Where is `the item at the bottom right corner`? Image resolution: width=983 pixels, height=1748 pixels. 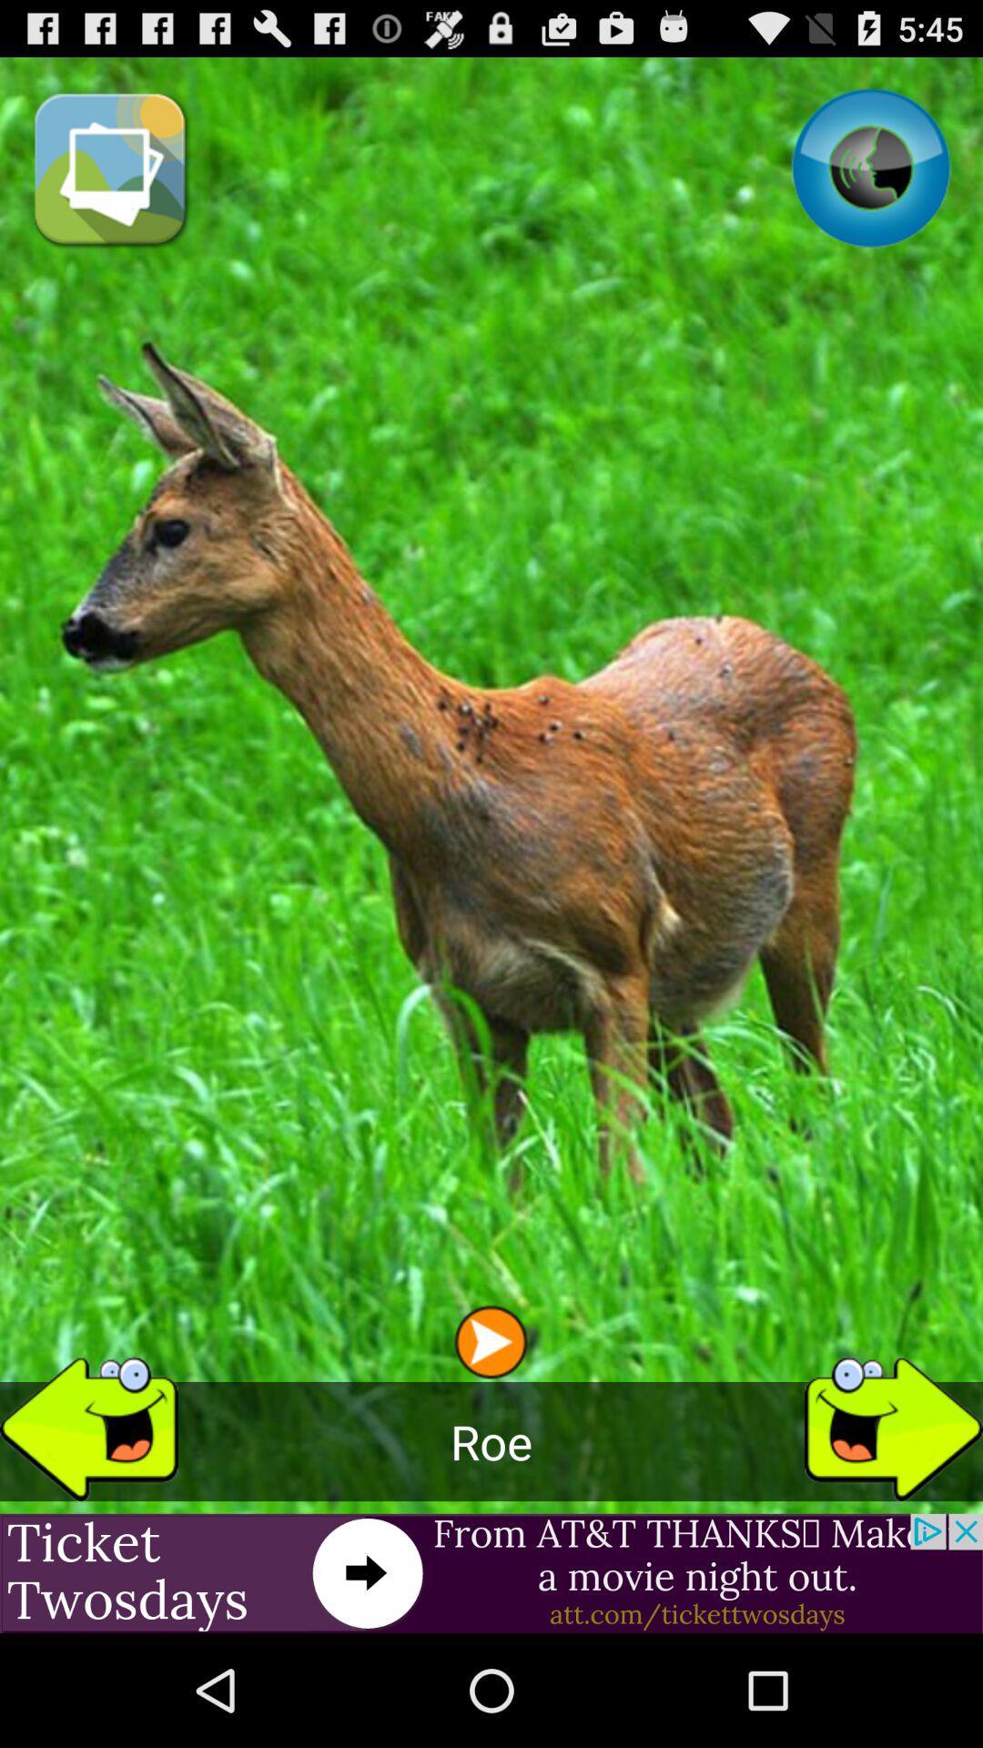
the item at the bottom right corner is located at coordinates (893, 1420).